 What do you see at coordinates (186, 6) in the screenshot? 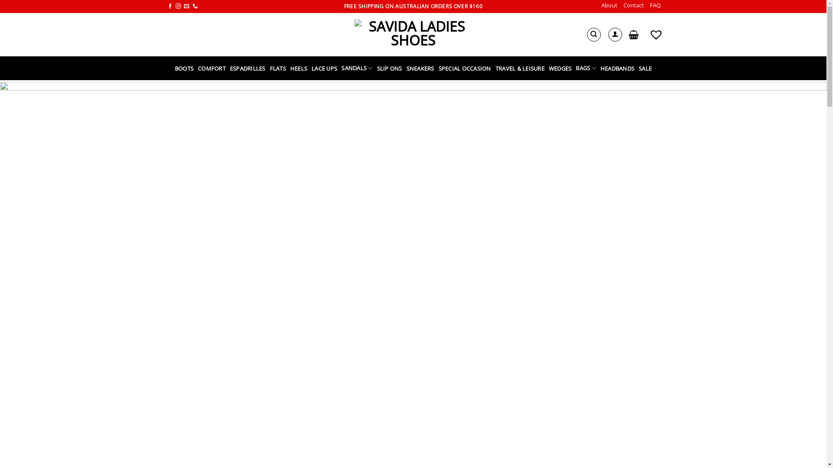
I see `'Send us an email'` at bounding box center [186, 6].